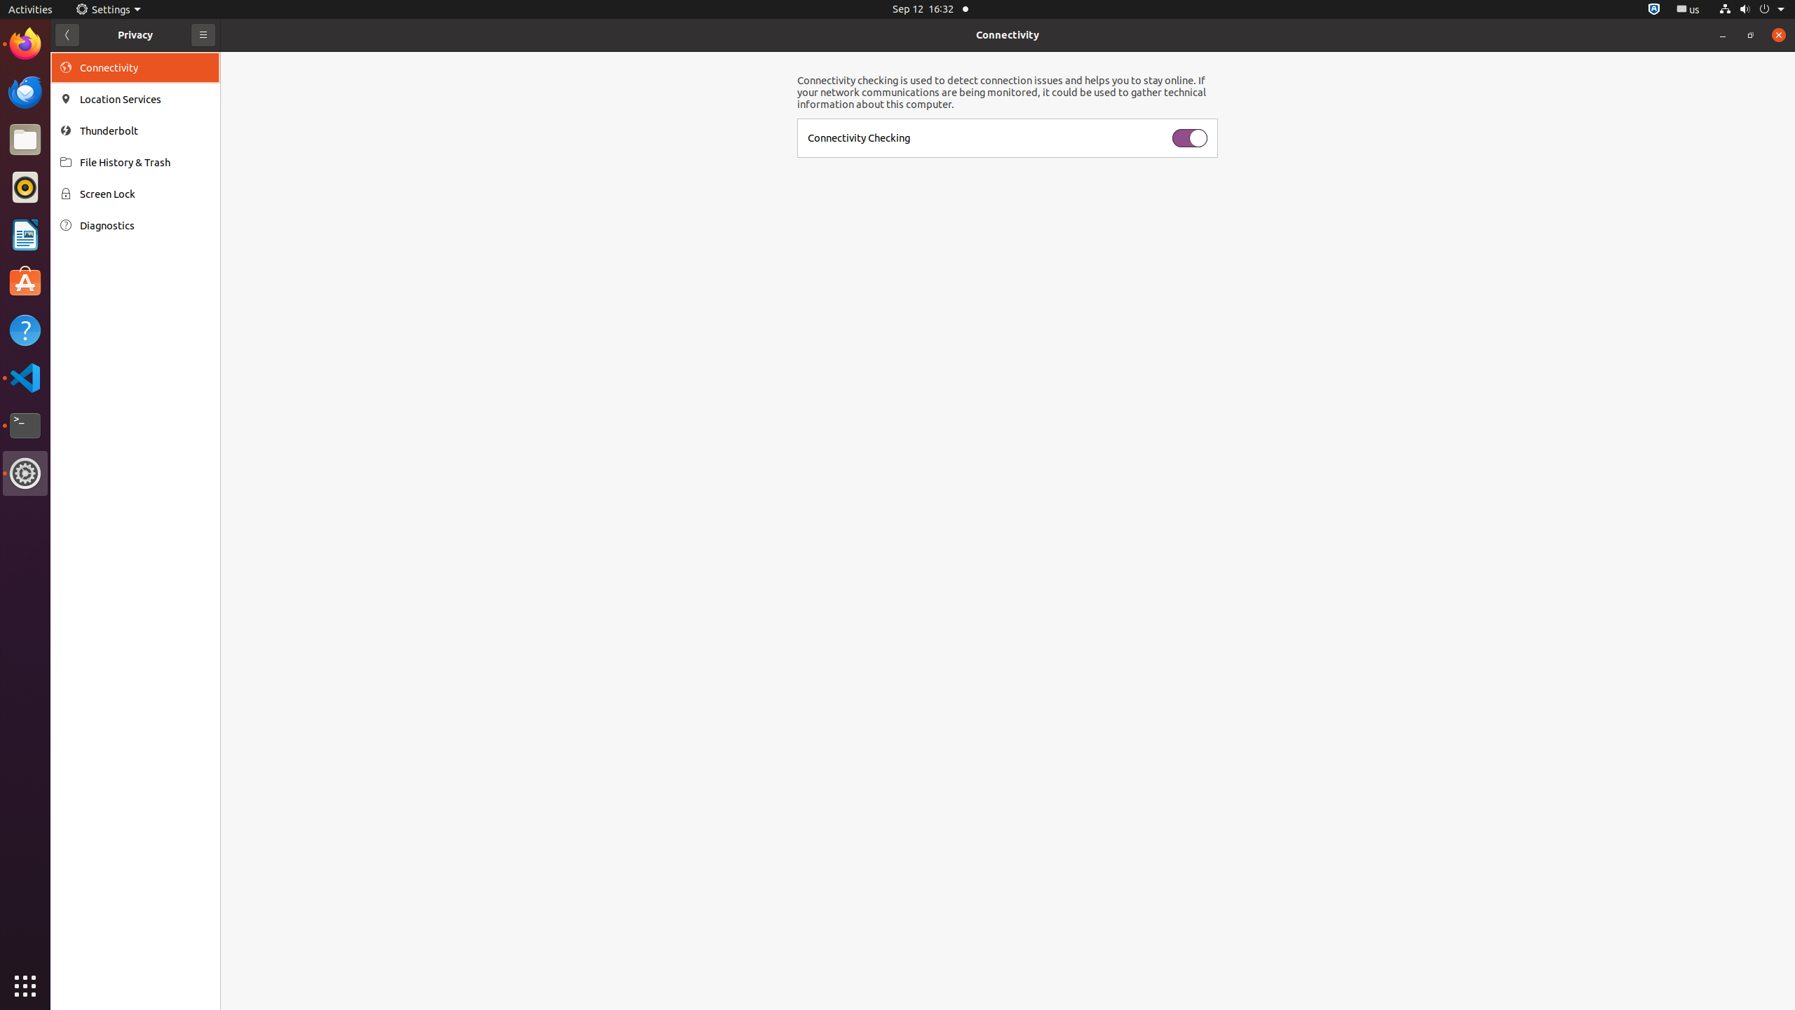 The image size is (1795, 1010). I want to click on 'Trash', so click(93, 133).